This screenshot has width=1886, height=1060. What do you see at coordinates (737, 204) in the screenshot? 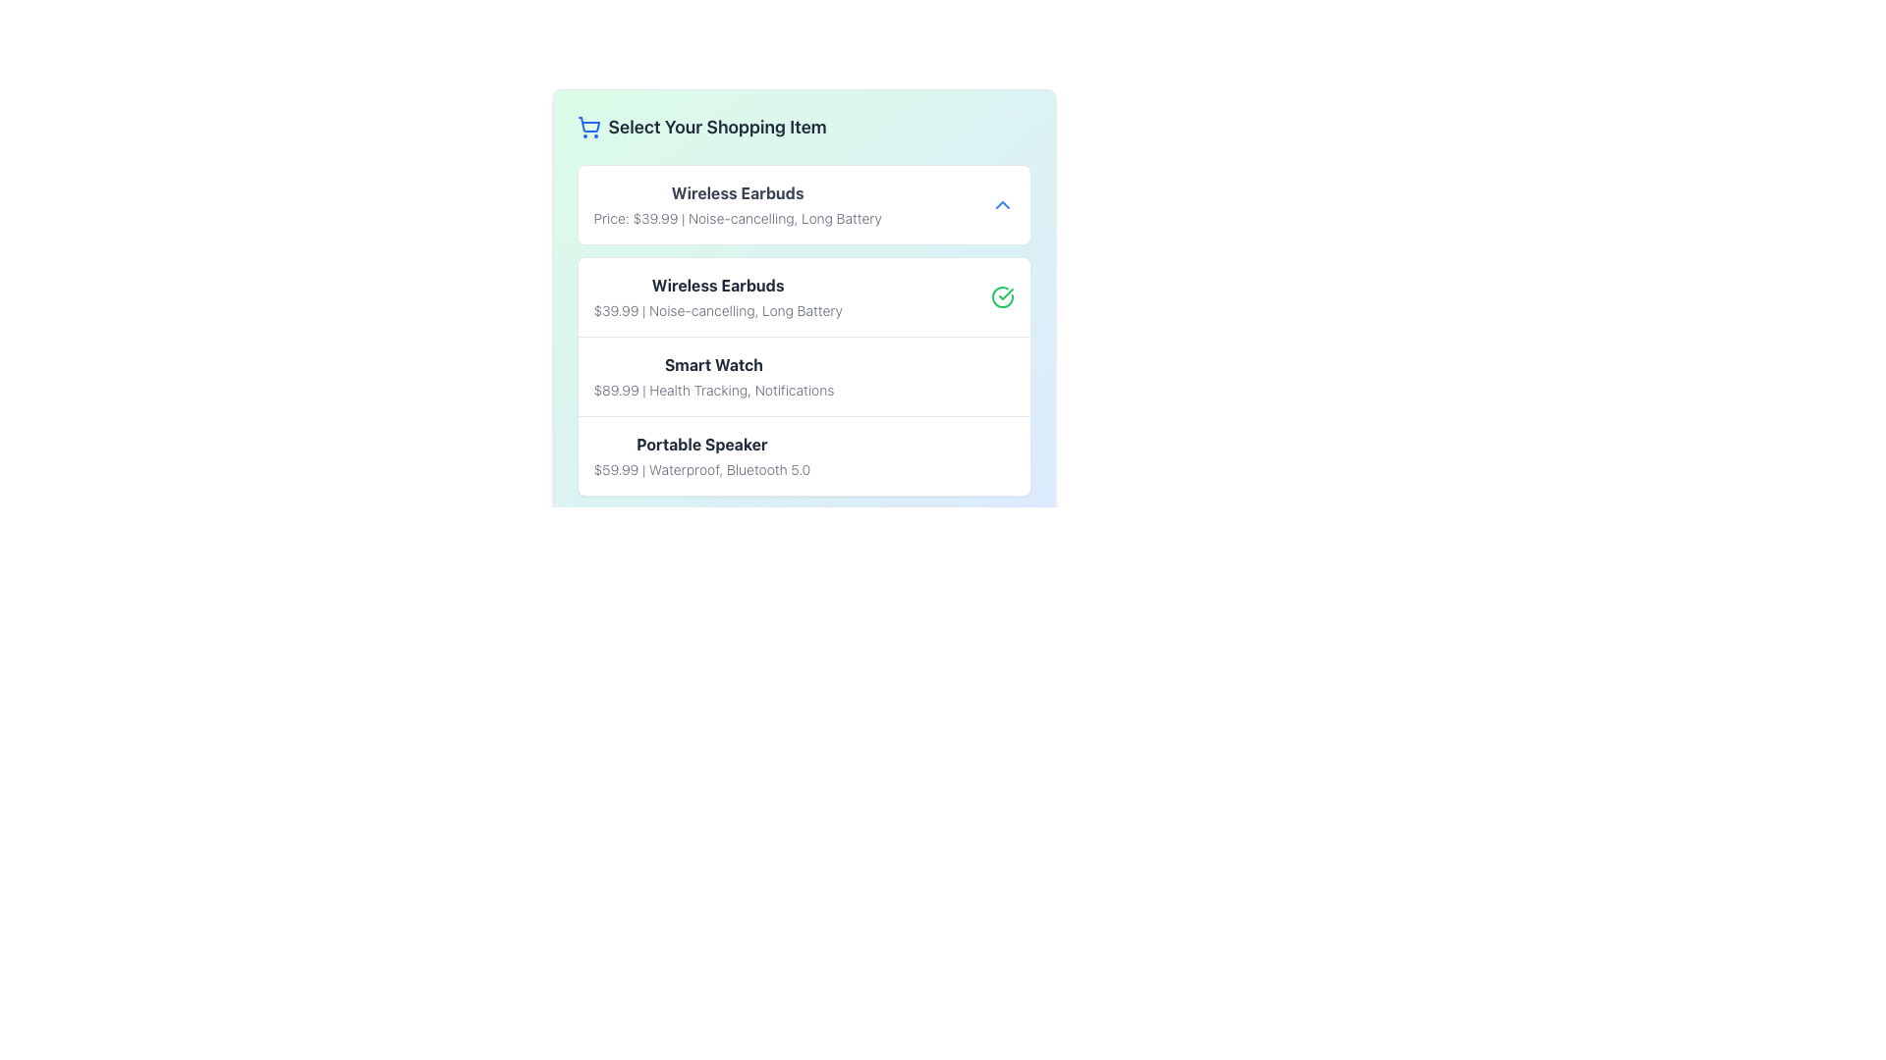
I see `the text label displaying 'Wireless Earbuds' which is the primary content of the first item in the selectable list` at bounding box center [737, 204].